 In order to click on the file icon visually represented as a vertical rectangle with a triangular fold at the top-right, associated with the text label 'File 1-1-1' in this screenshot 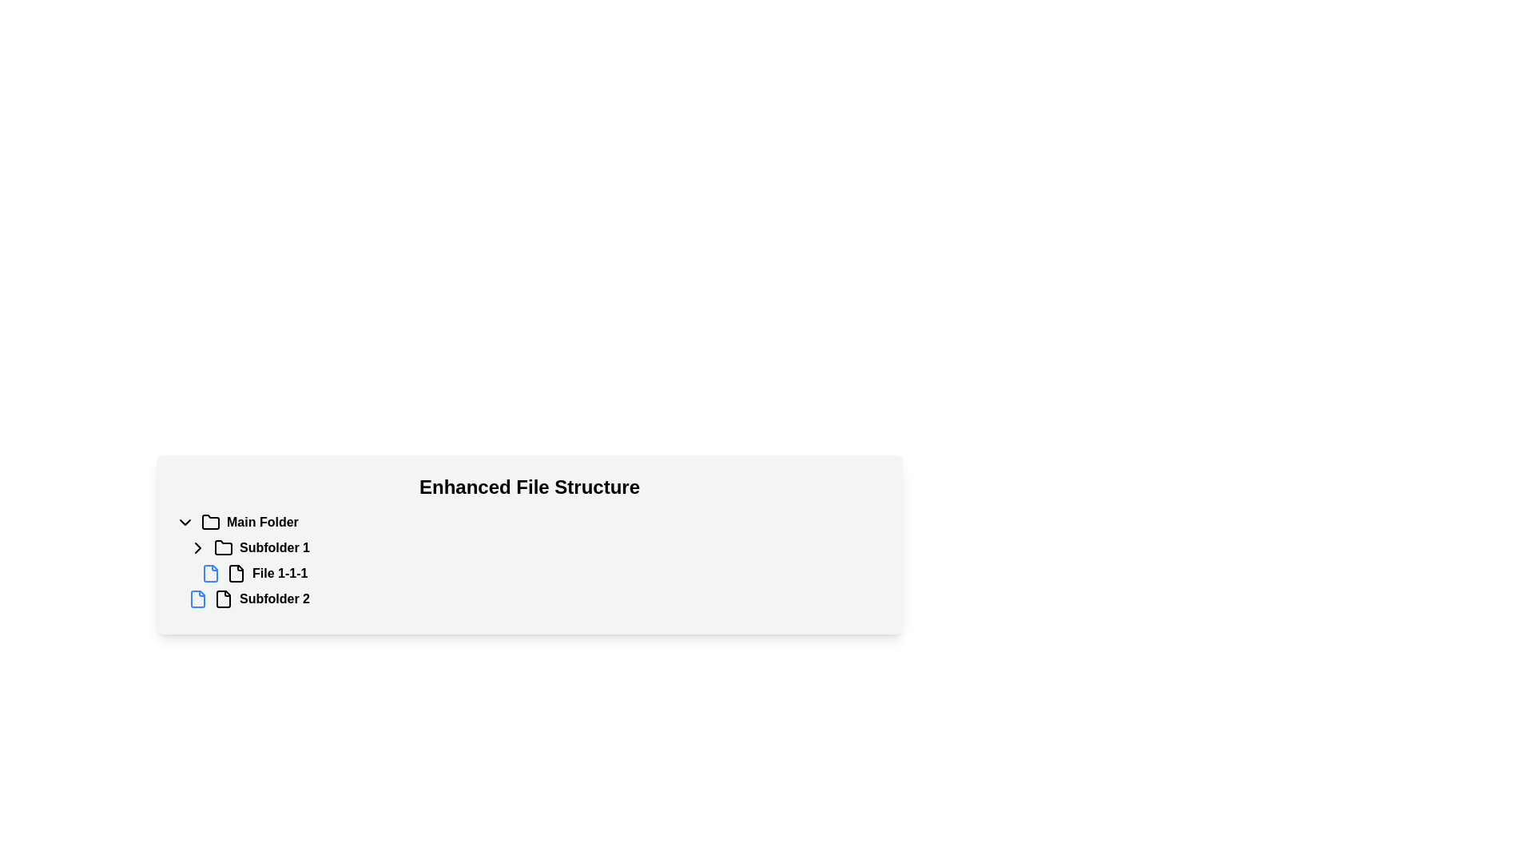, I will do `click(236, 572)`.